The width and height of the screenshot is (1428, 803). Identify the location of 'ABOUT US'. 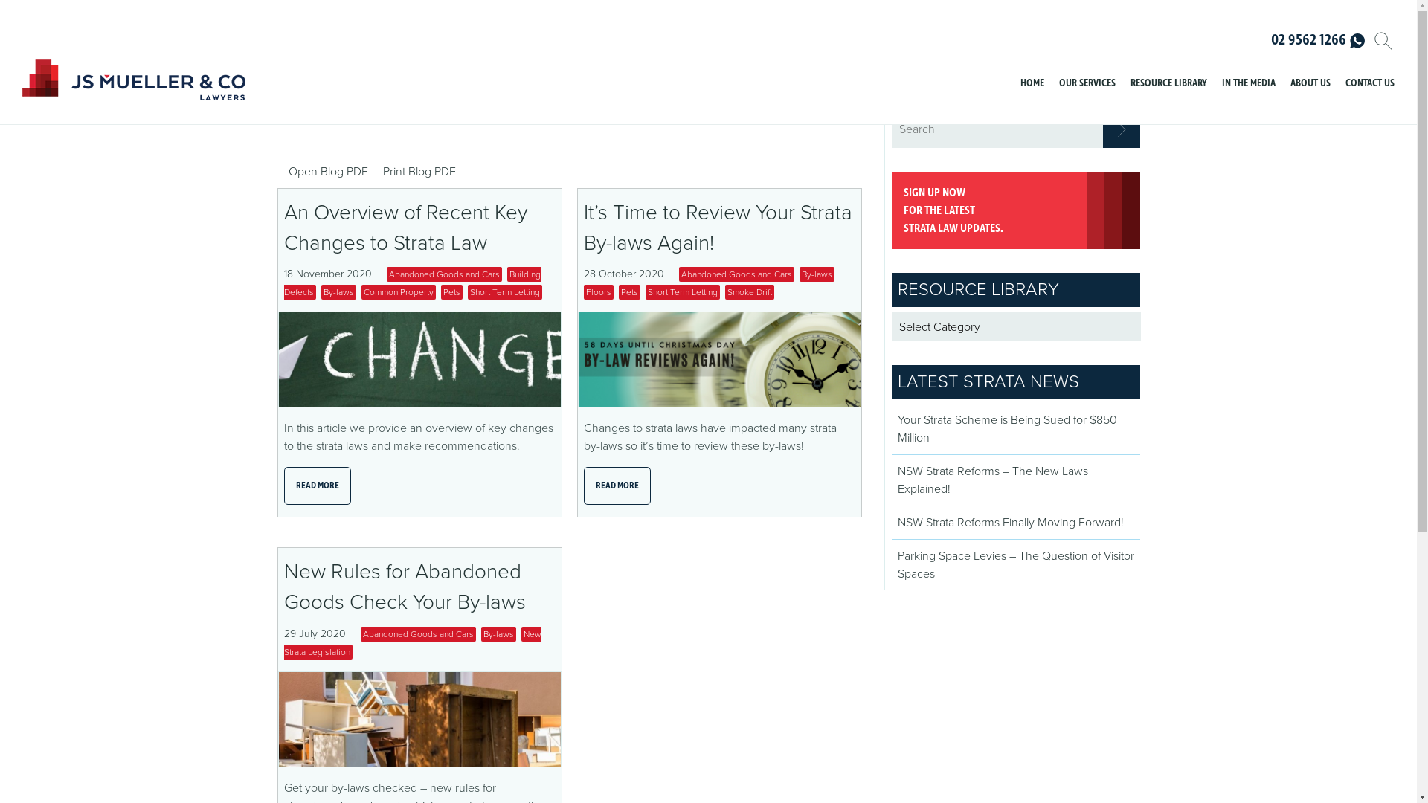
(1310, 85).